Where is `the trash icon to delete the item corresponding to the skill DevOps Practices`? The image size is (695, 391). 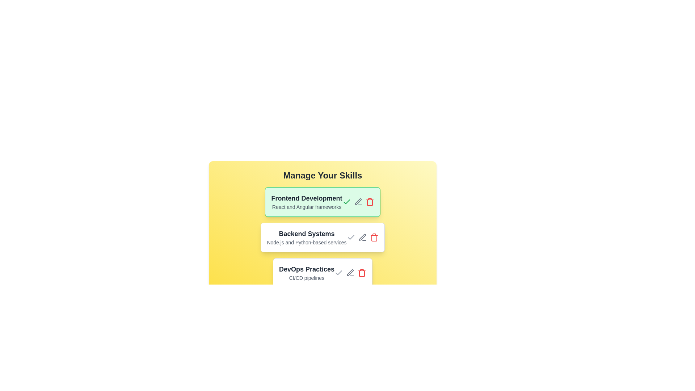 the trash icon to delete the item corresponding to the skill DevOps Practices is located at coordinates (362, 273).